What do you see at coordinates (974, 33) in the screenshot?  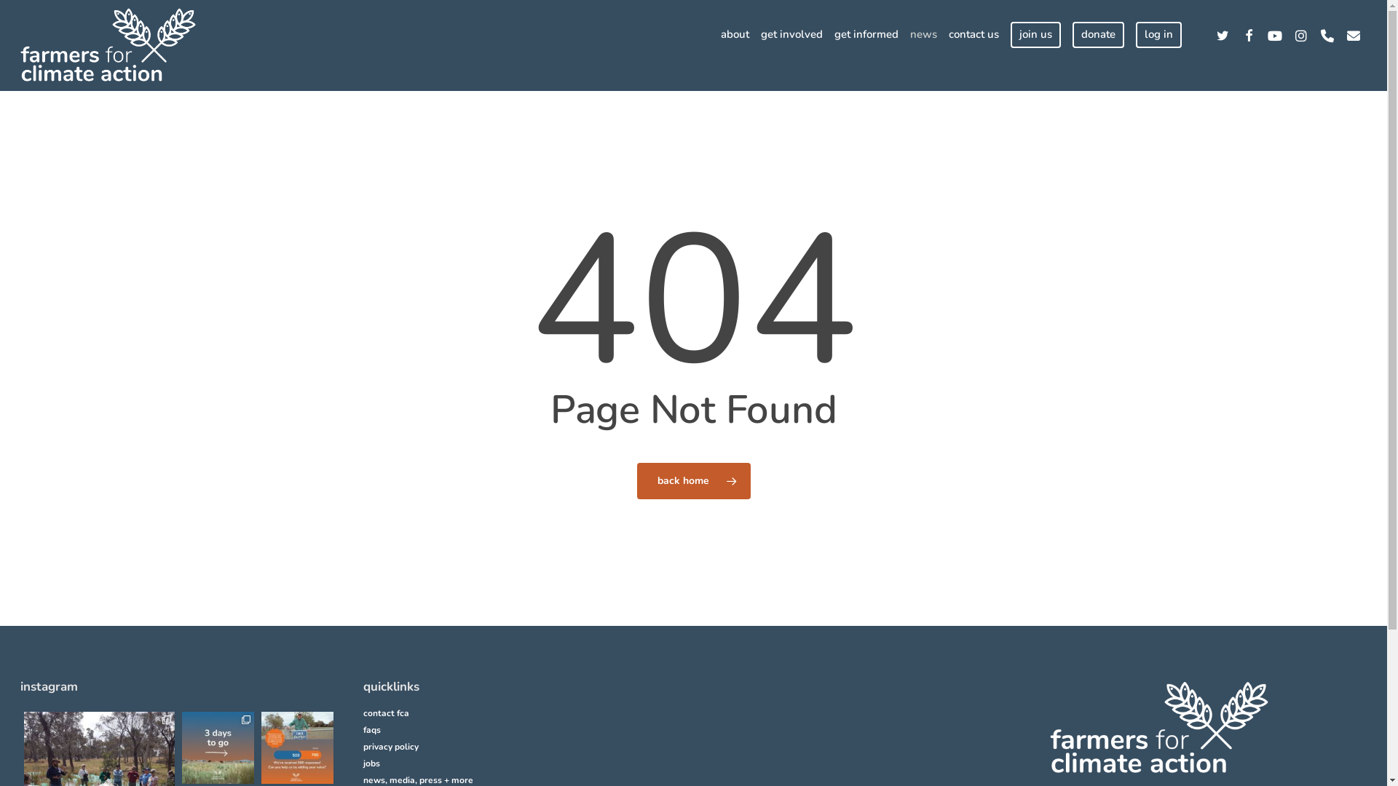 I see `'contact us'` at bounding box center [974, 33].